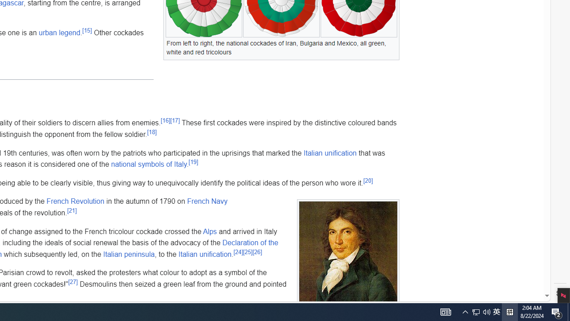 This screenshot has height=321, width=570. I want to click on '[18]', so click(152, 132).